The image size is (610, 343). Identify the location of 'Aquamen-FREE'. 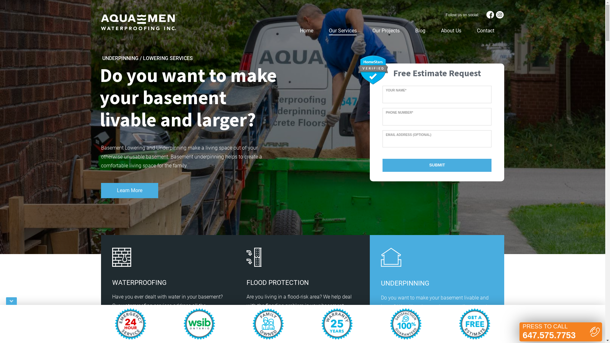
(474, 324).